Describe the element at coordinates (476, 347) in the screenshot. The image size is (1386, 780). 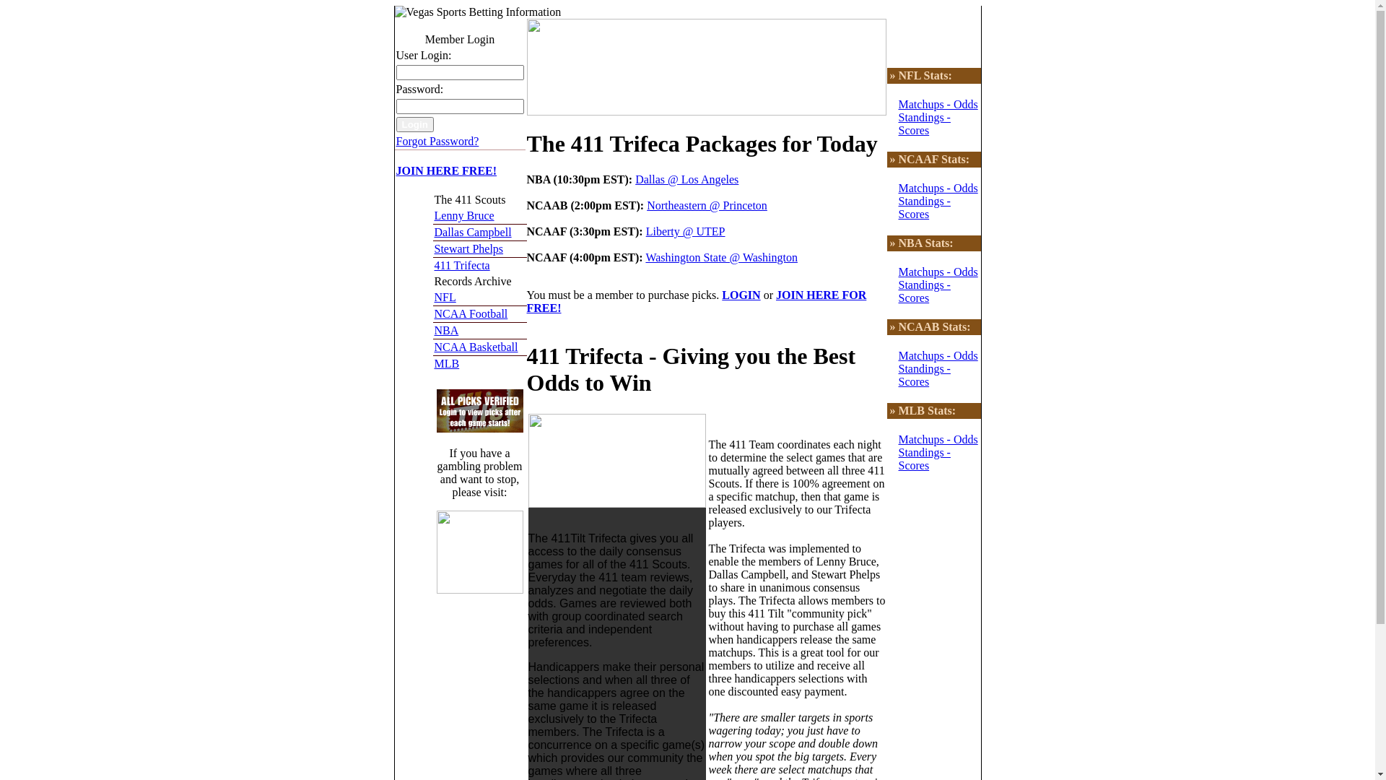
I see `'NCAA Basketball'` at that location.